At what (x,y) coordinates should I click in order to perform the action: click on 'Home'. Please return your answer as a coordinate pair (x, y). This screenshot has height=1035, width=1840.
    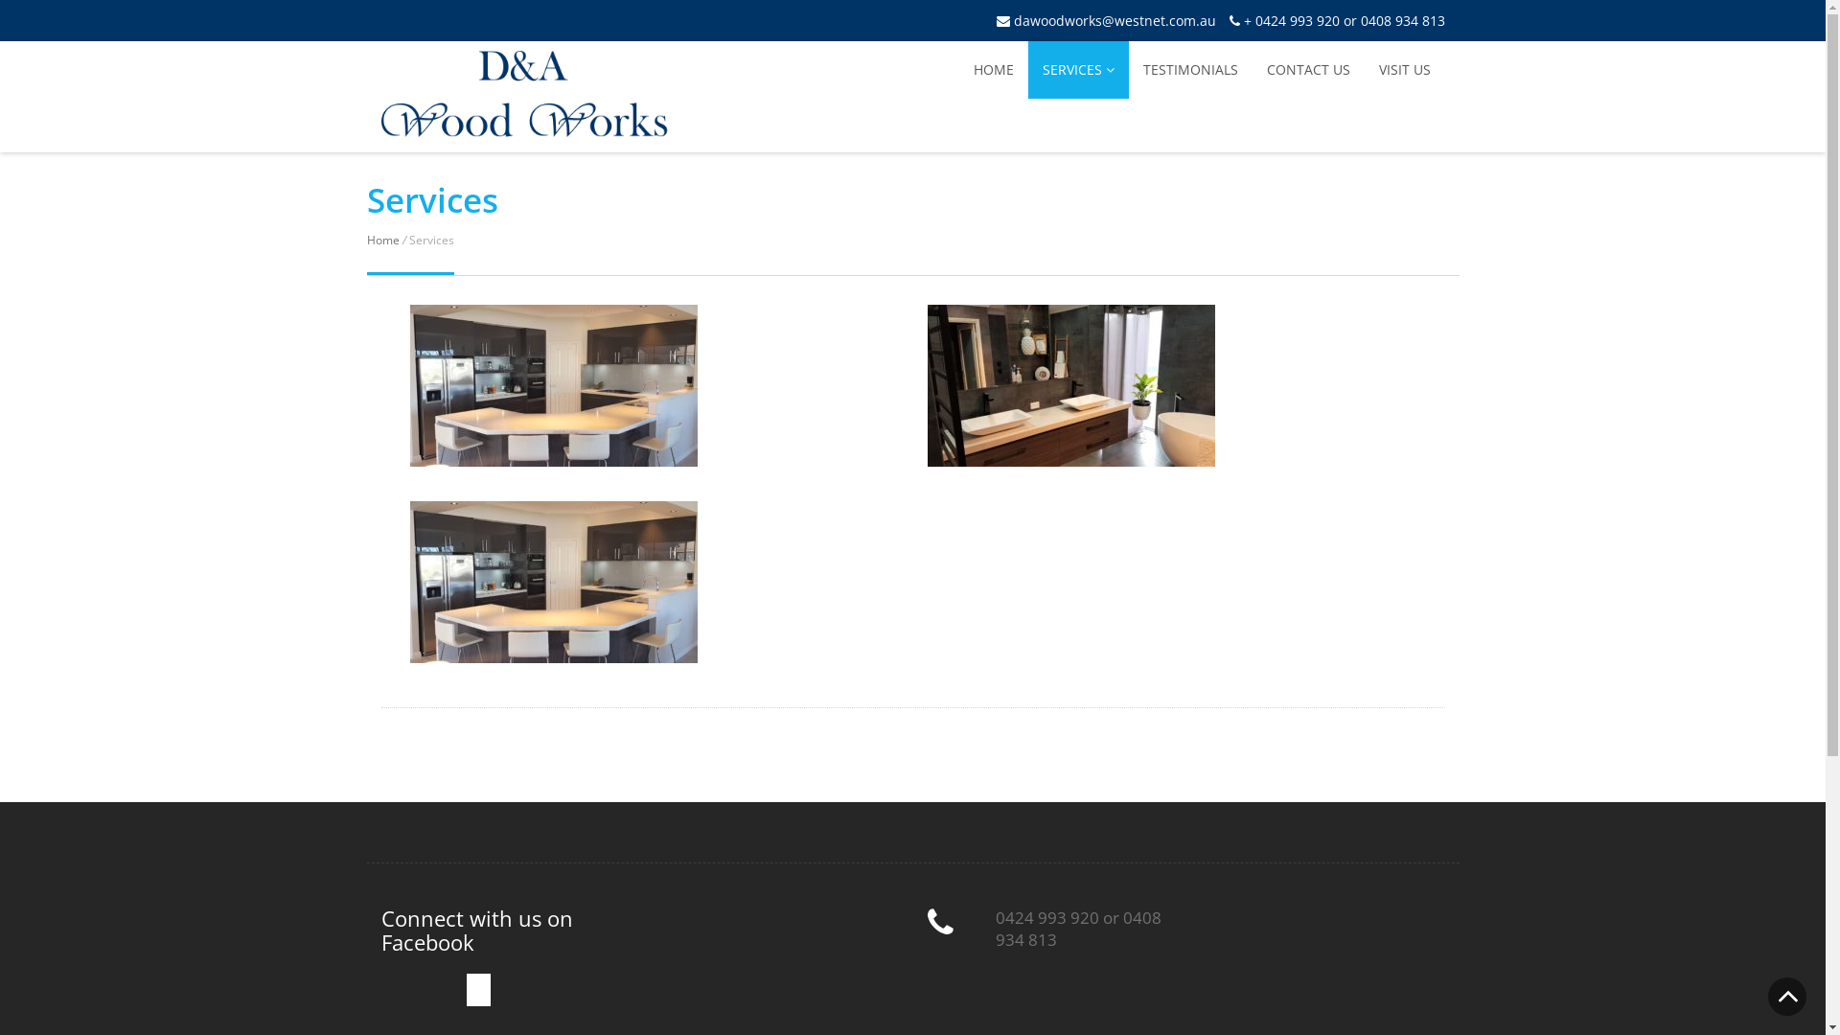
    Looking at the image, I should click on (381, 239).